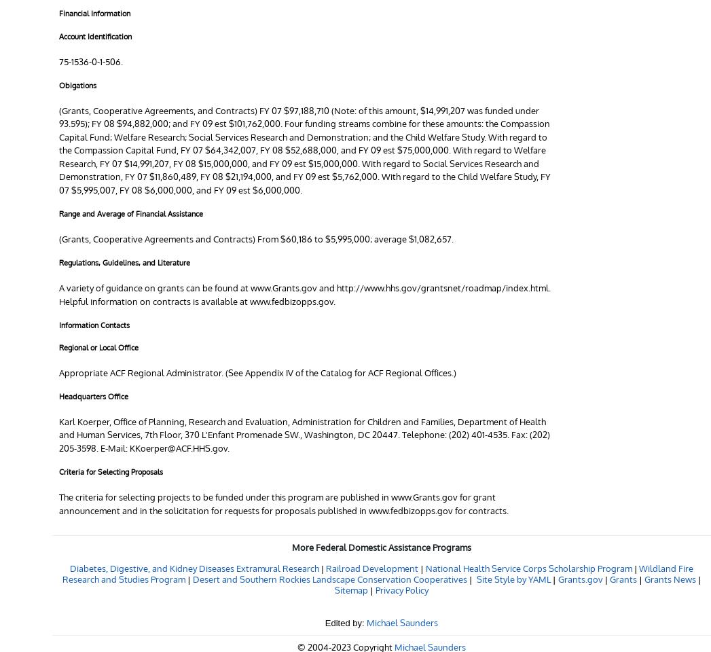 The height and width of the screenshot is (652, 711). I want to click on 'More Federal Domestic Assistance Programs', so click(382, 546).